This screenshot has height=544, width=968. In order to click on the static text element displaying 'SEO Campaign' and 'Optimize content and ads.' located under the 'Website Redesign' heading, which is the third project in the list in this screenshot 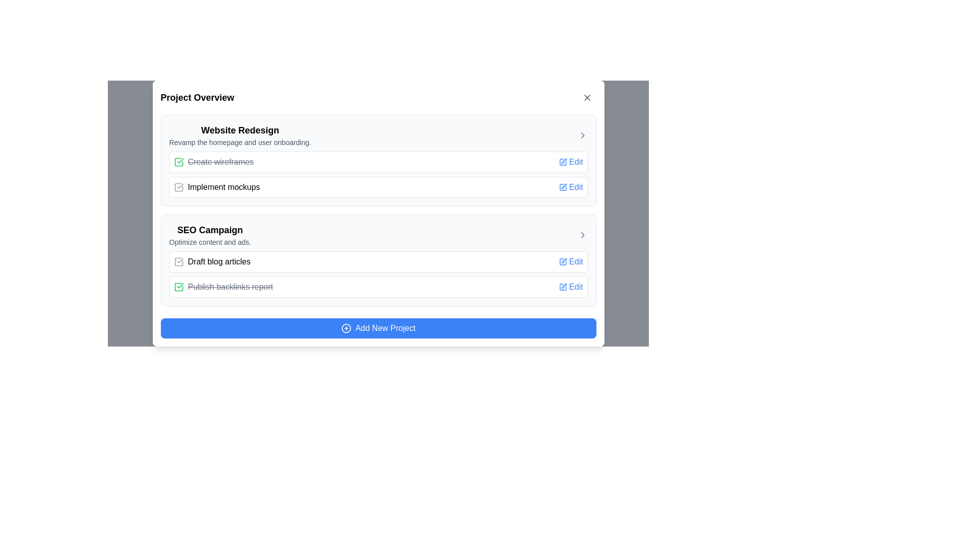, I will do `click(209, 235)`.